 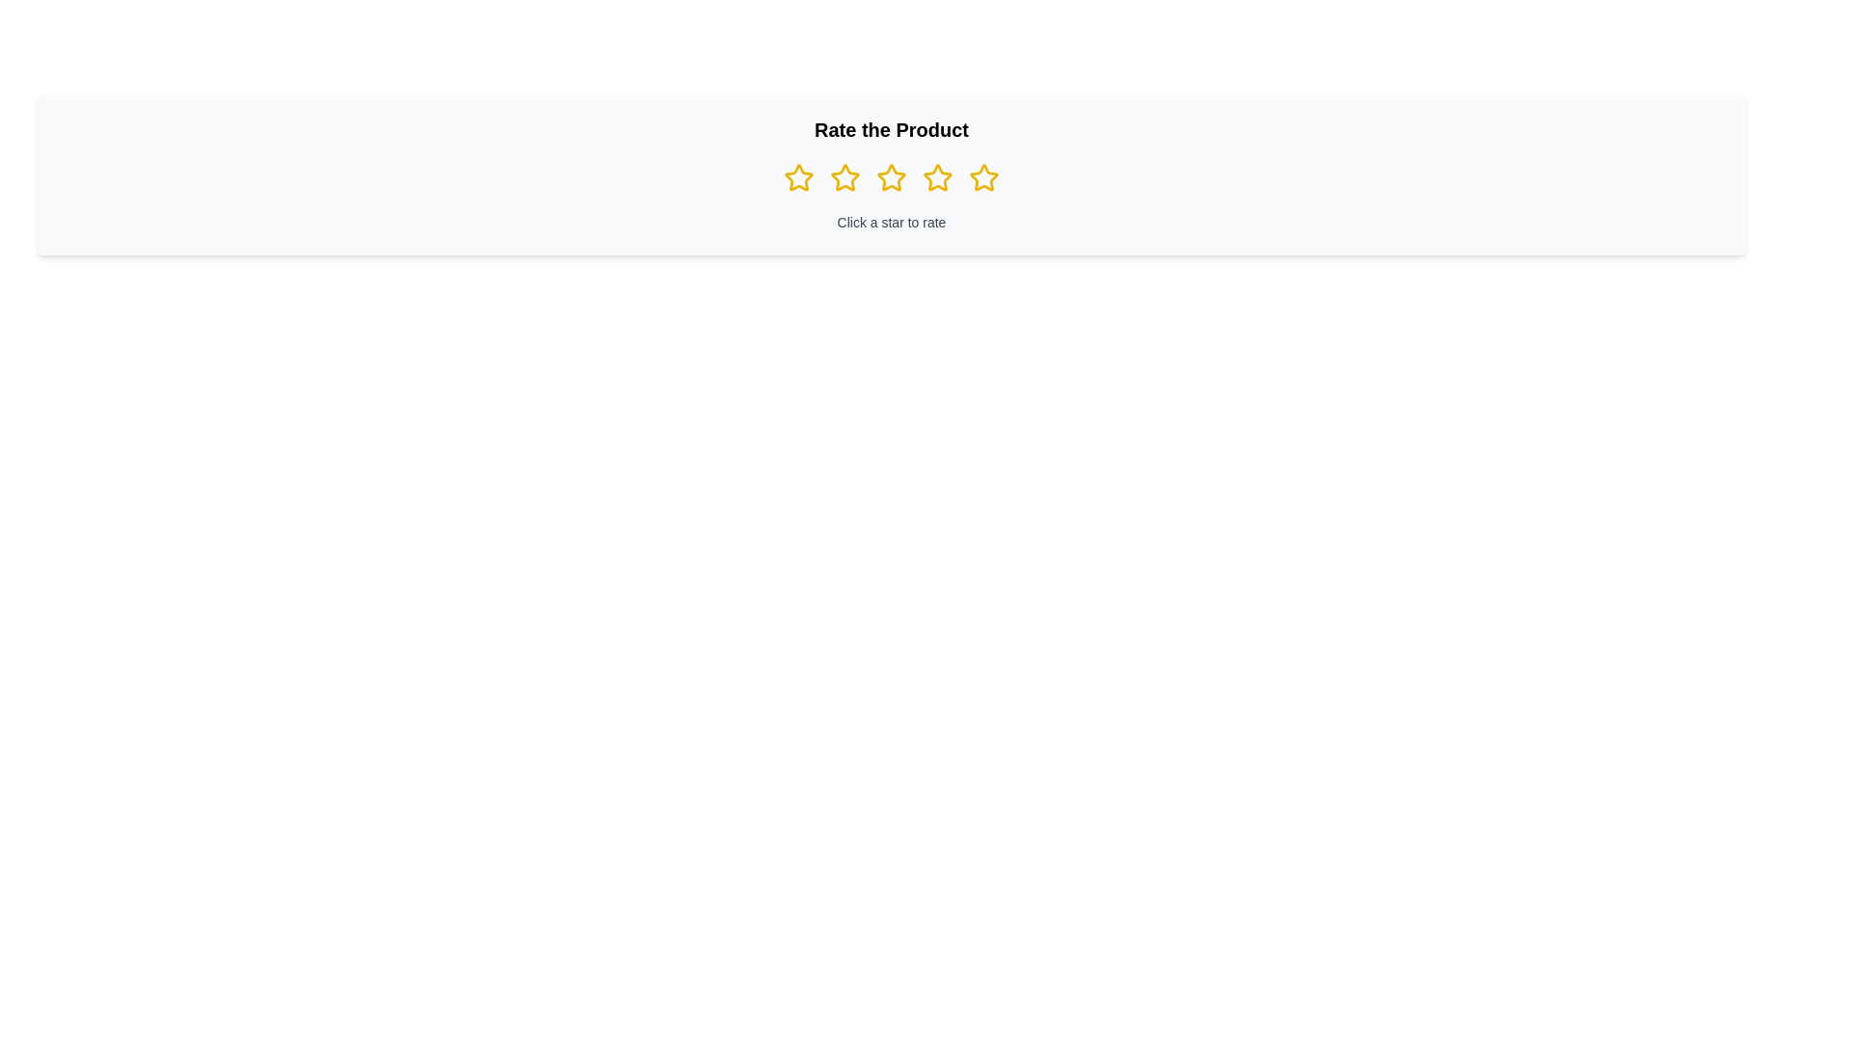 I want to click on the third star icon button, which is a hollow star with a yellow outline, so click(x=938, y=178).